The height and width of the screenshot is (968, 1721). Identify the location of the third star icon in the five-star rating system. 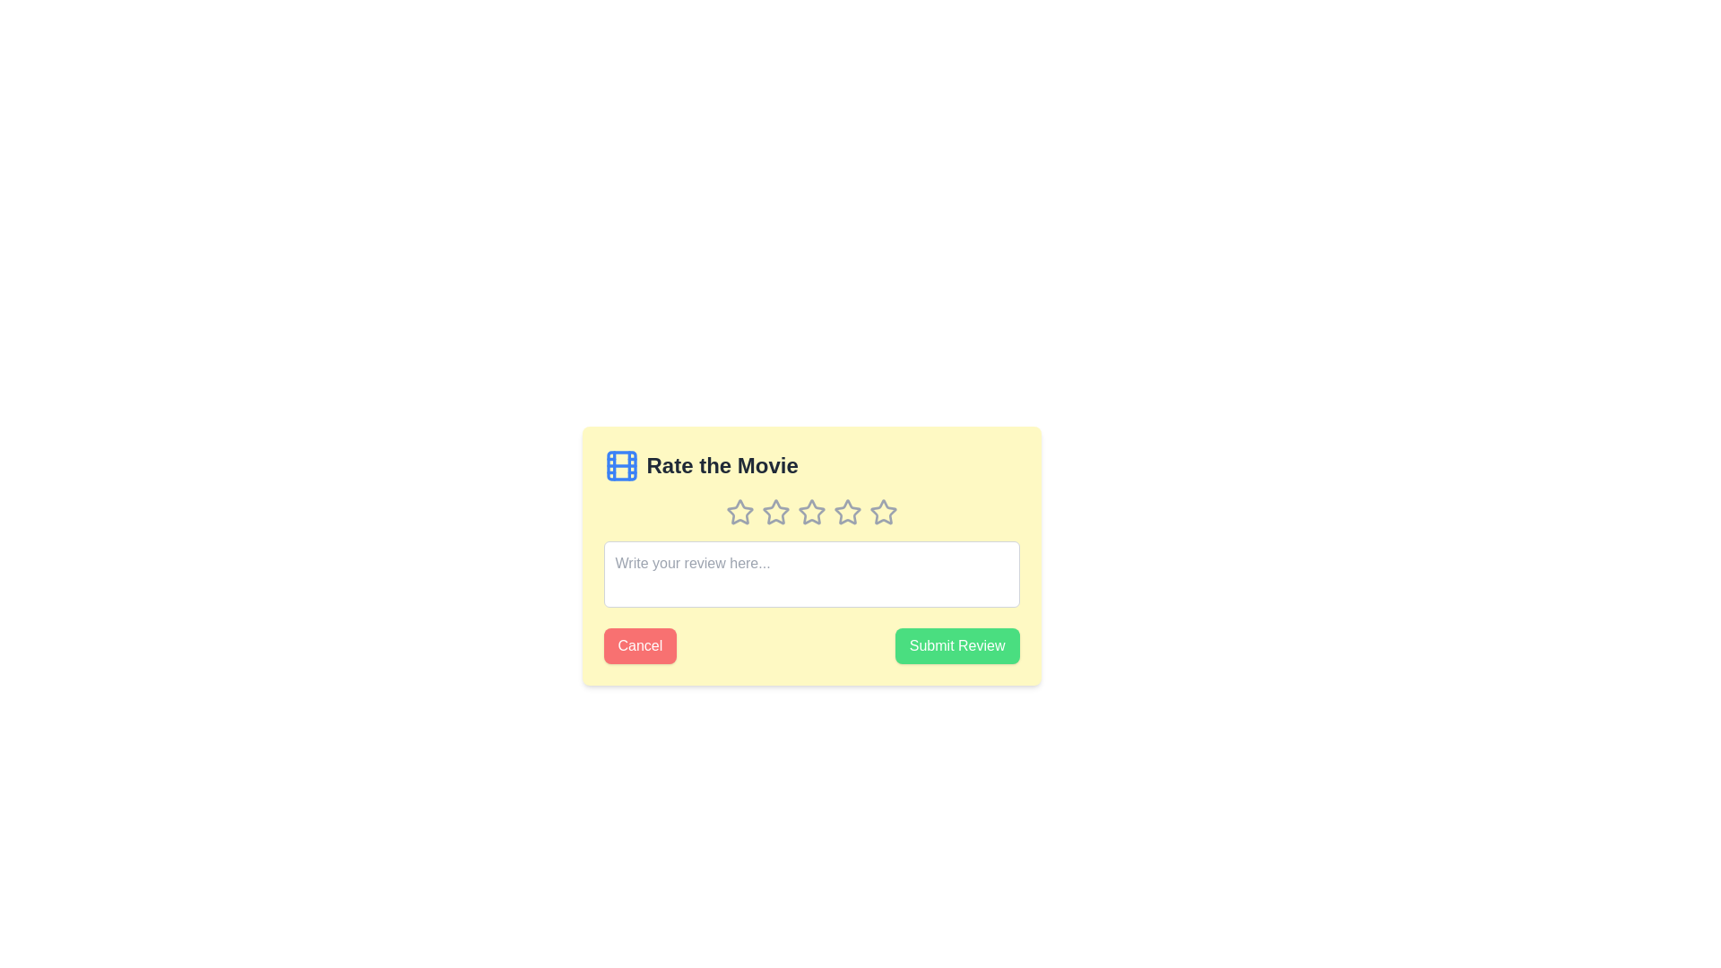
(810, 512).